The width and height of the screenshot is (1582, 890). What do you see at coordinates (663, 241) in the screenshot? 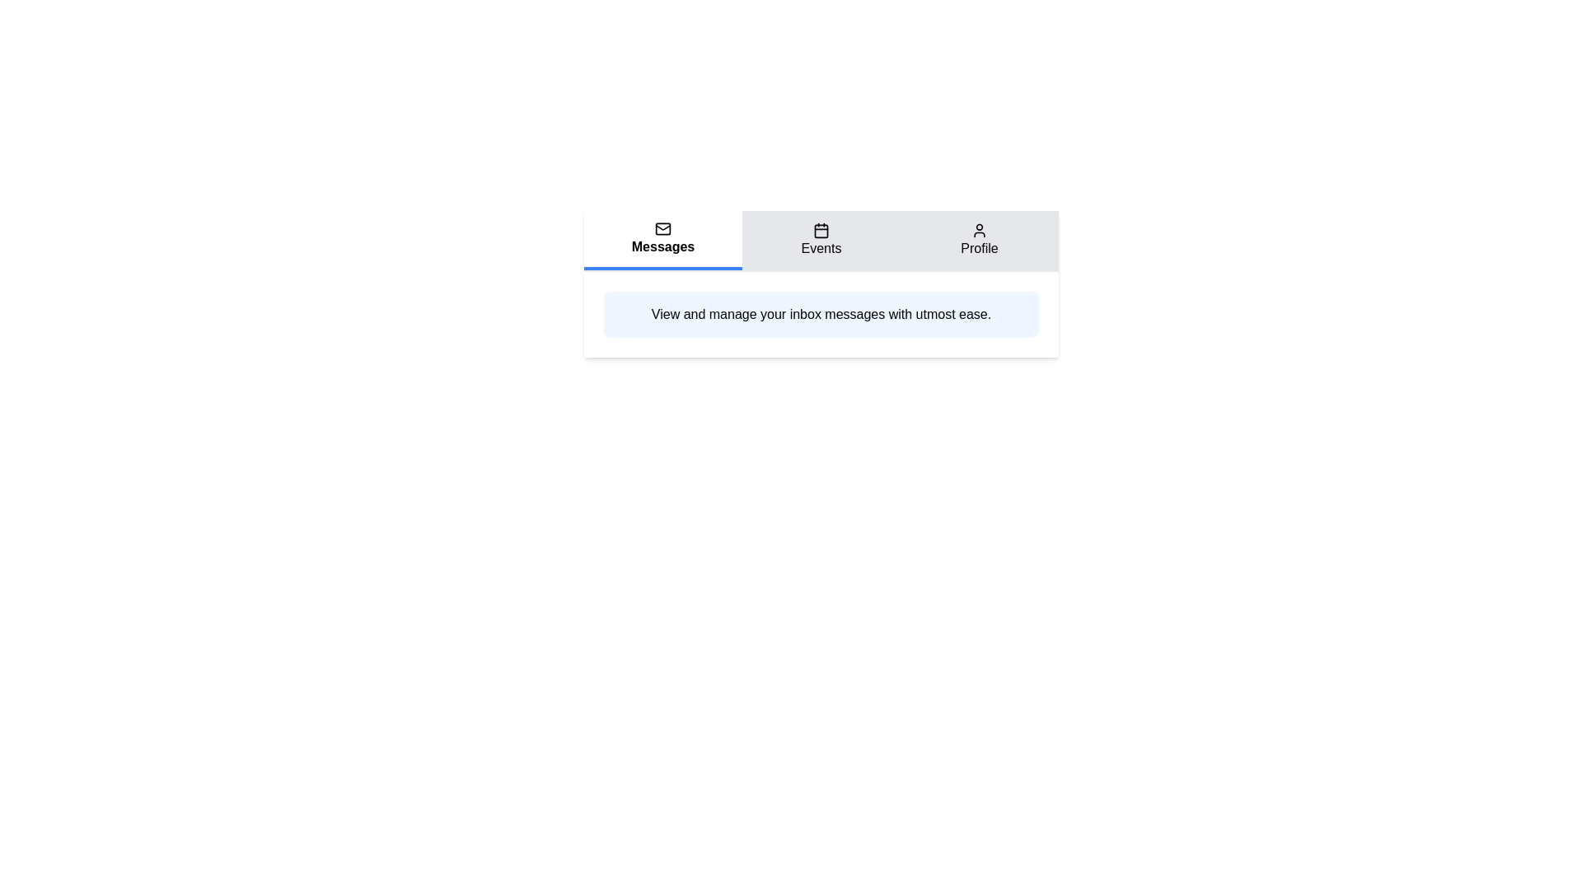
I see `the tab labeled Messages to observe the hover effect` at bounding box center [663, 241].